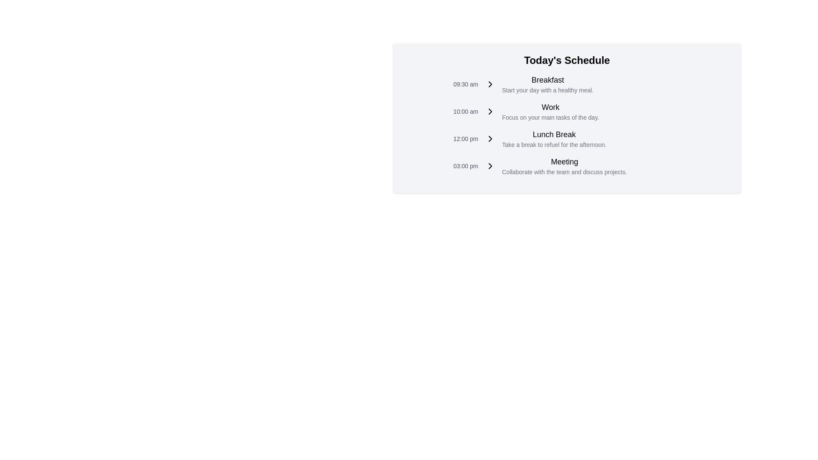  I want to click on the small chevron icon pointing to the right, located to the right of '09:30 am' and before 'Breakfast', so click(490, 84).